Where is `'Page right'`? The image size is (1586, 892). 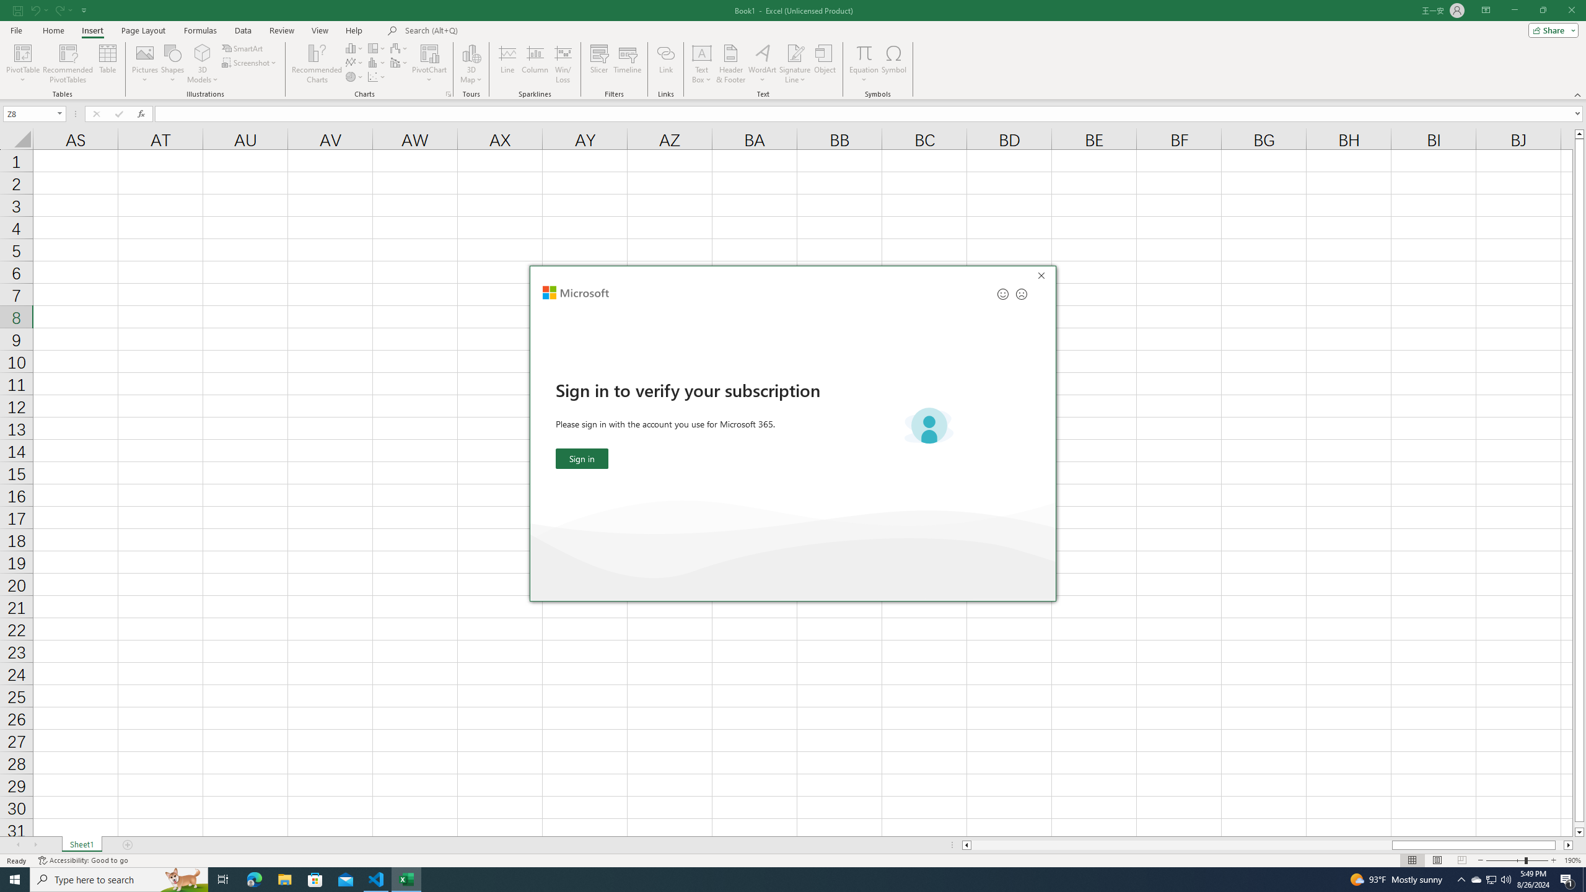 'Page right' is located at coordinates (1559, 844).